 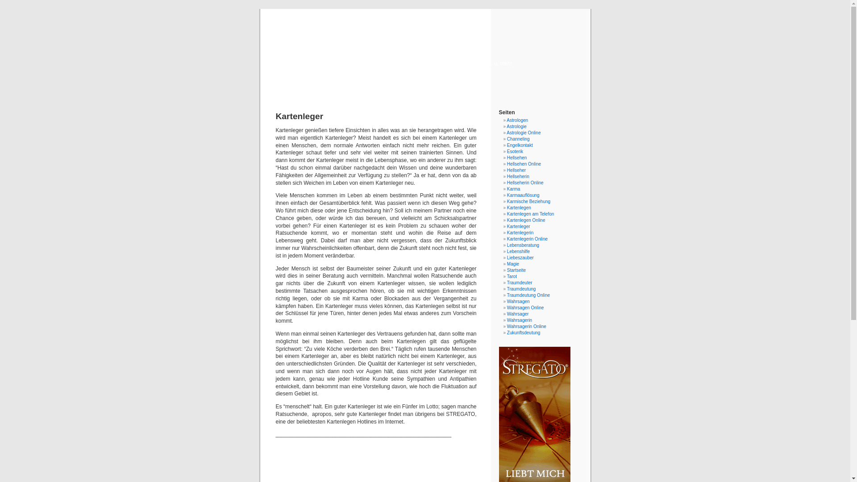 I want to click on 'Kartenlegerin Online', so click(x=527, y=238).